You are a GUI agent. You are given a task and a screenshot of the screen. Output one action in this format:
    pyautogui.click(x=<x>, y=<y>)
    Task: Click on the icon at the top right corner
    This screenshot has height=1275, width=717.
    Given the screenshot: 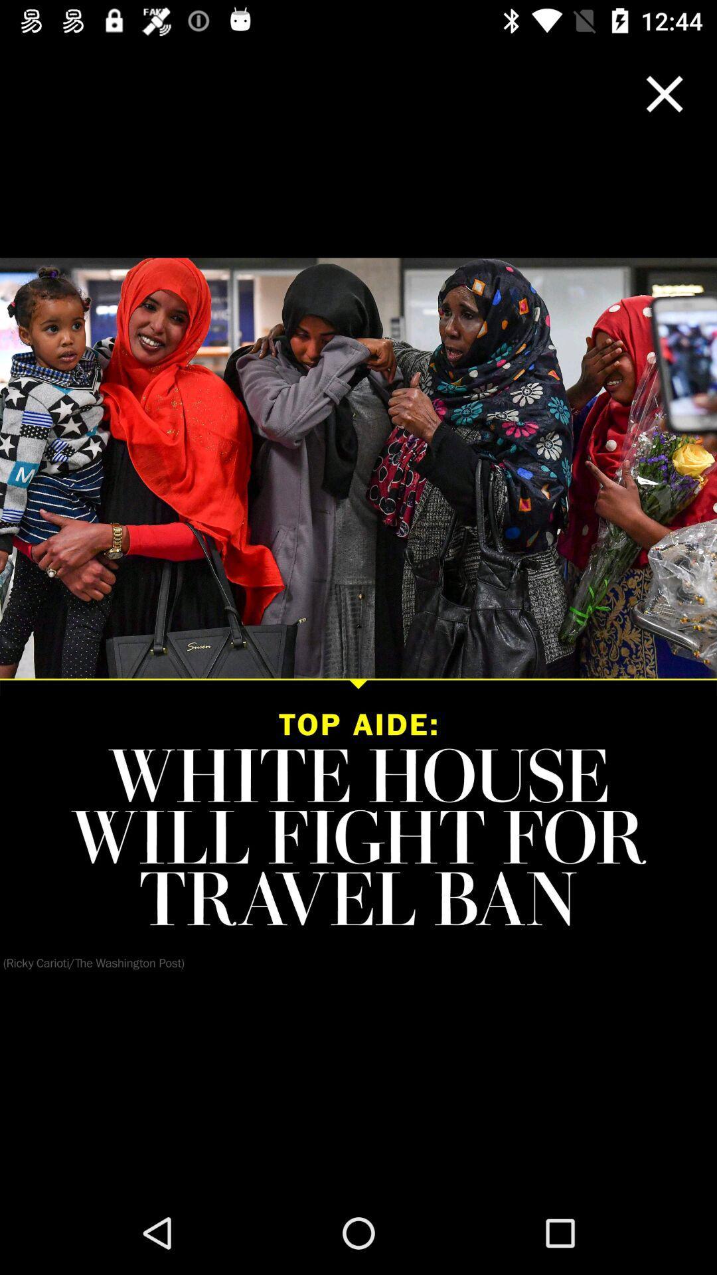 What is the action you would take?
    pyautogui.click(x=665, y=93)
    